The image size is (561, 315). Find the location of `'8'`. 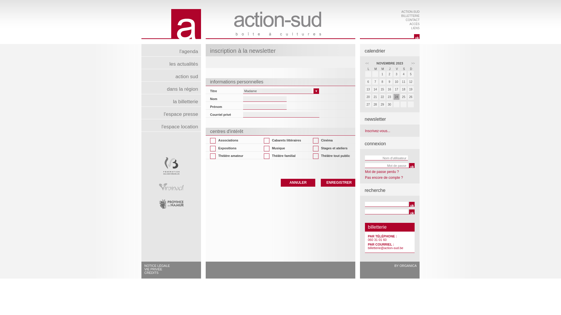

'8' is located at coordinates (382, 82).